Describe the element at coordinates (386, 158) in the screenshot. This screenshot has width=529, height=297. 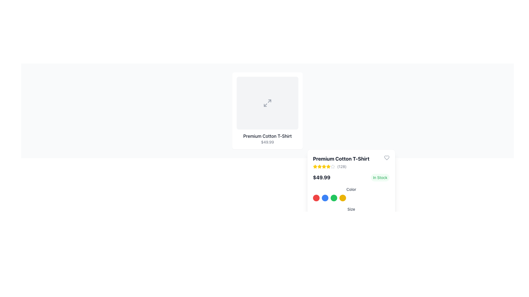
I see `the heart icon located near the top-right corner of the product details section` at that location.